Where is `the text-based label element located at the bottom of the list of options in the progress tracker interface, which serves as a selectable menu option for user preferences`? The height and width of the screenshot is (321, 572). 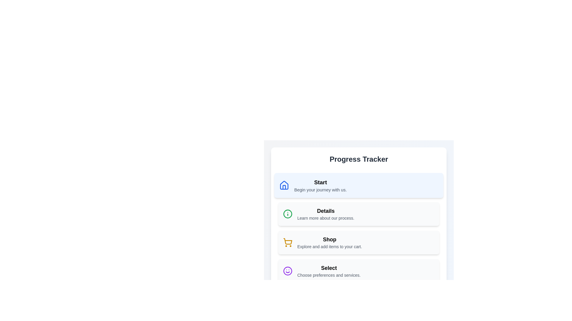
the text-based label element located at the bottom of the list of options in the progress tracker interface, which serves as a selectable menu option for user preferences is located at coordinates (329, 271).